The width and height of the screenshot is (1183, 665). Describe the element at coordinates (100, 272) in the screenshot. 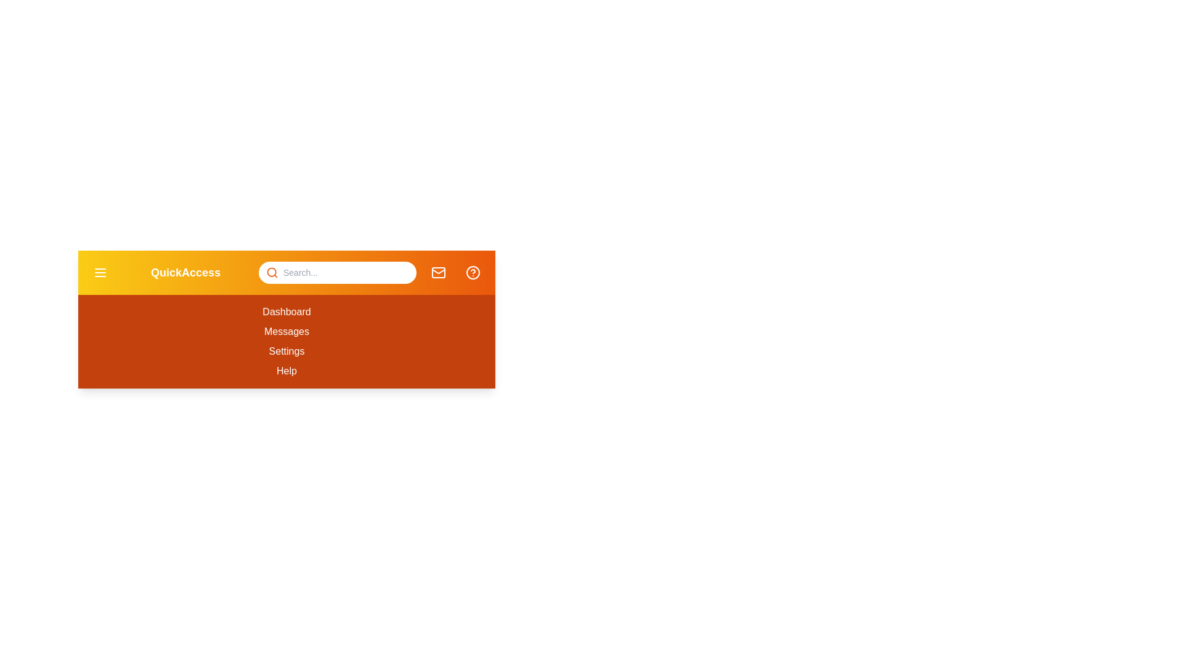

I see `the hamburger menu button with a yellow background located at the far left of the navigation bar` at that location.